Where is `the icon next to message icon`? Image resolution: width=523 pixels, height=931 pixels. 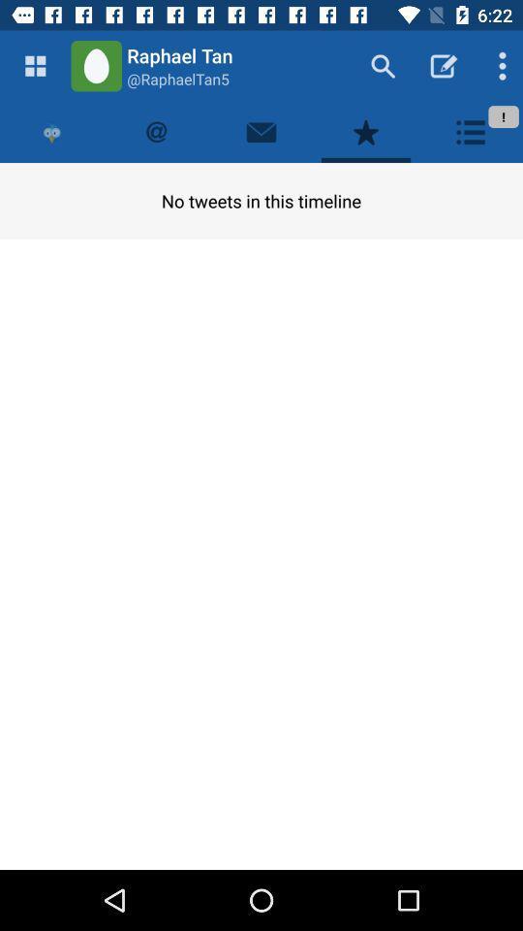
the icon next to message icon is located at coordinates (366, 131).